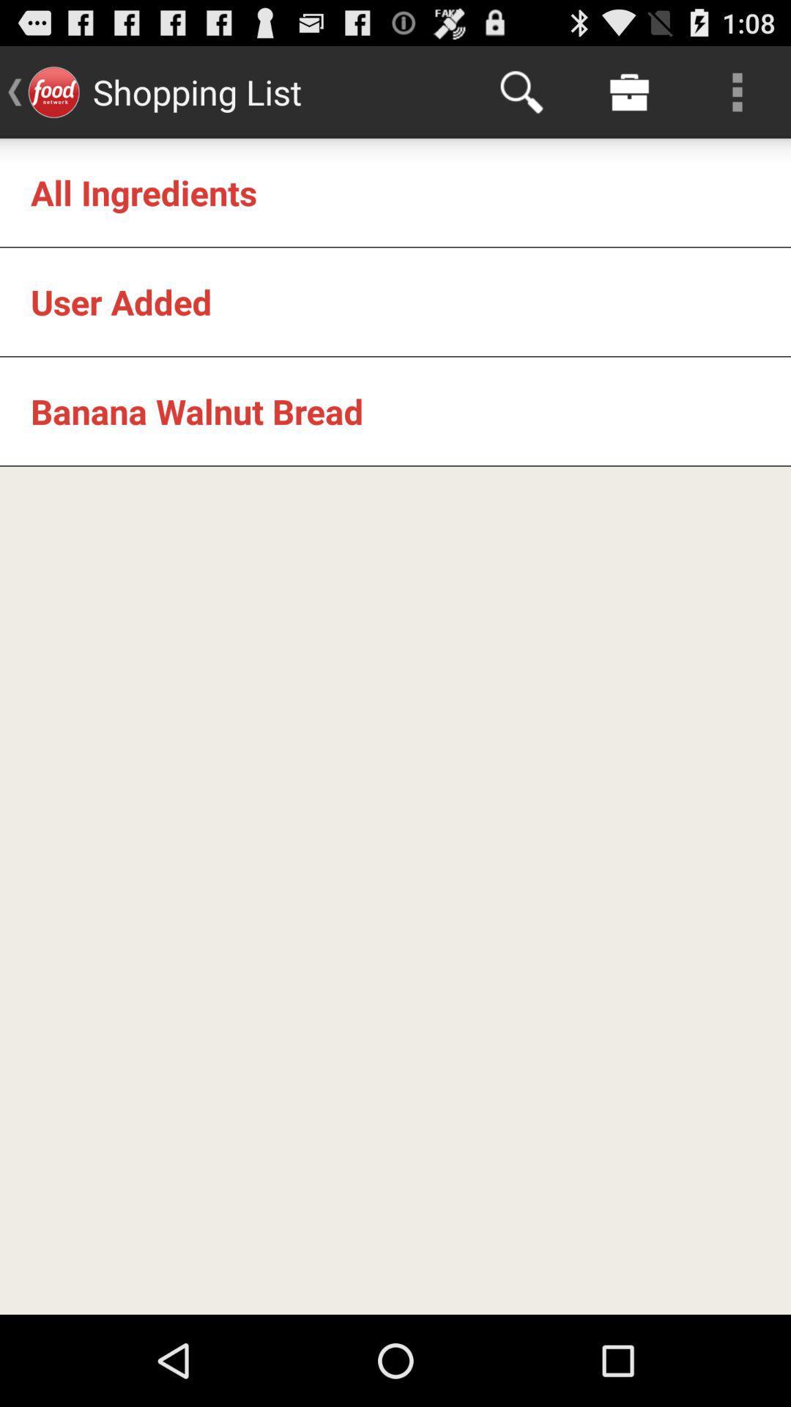 This screenshot has width=791, height=1407. What do you see at coordinates (120, 301) in the screenshot?
I see `the app below all ingredients icon` at bounding box center [120, 301].